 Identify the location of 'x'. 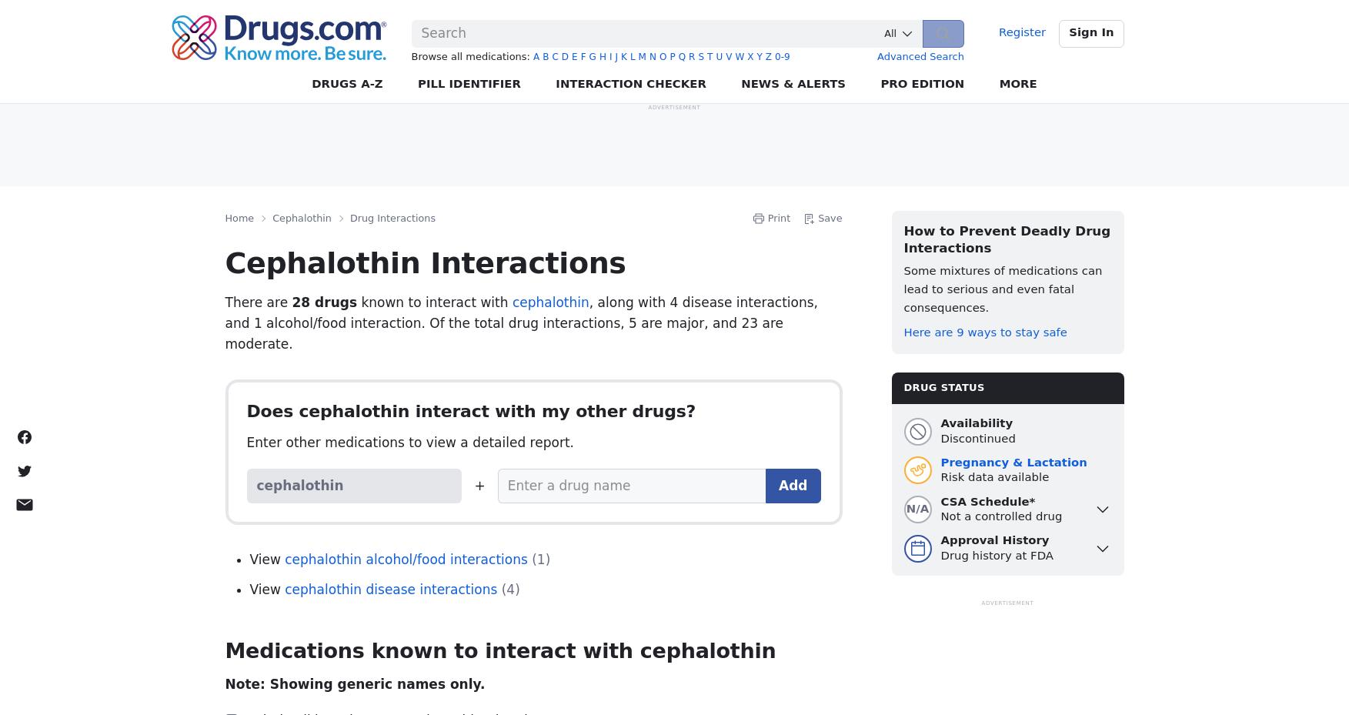
(750, 56).